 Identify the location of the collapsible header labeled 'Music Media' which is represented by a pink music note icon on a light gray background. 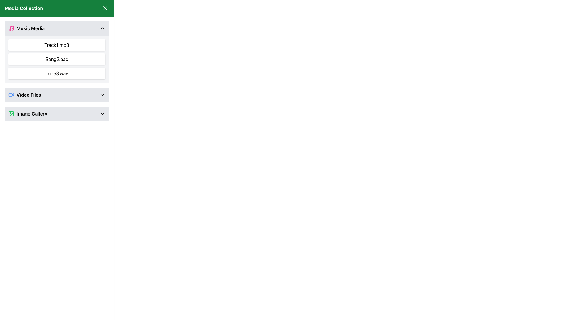
(26, 28).